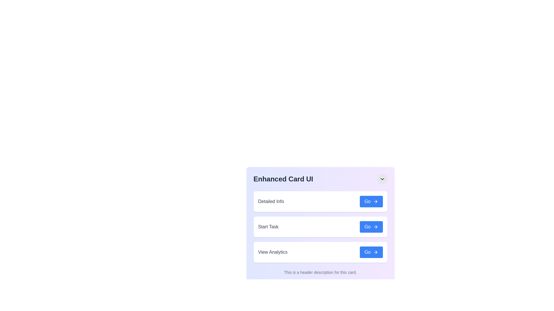  I want to click on the SVG-based arrow icon located to the right of the 'Go' button text in the first option row under 'Detailed Info', so click(375, 201).